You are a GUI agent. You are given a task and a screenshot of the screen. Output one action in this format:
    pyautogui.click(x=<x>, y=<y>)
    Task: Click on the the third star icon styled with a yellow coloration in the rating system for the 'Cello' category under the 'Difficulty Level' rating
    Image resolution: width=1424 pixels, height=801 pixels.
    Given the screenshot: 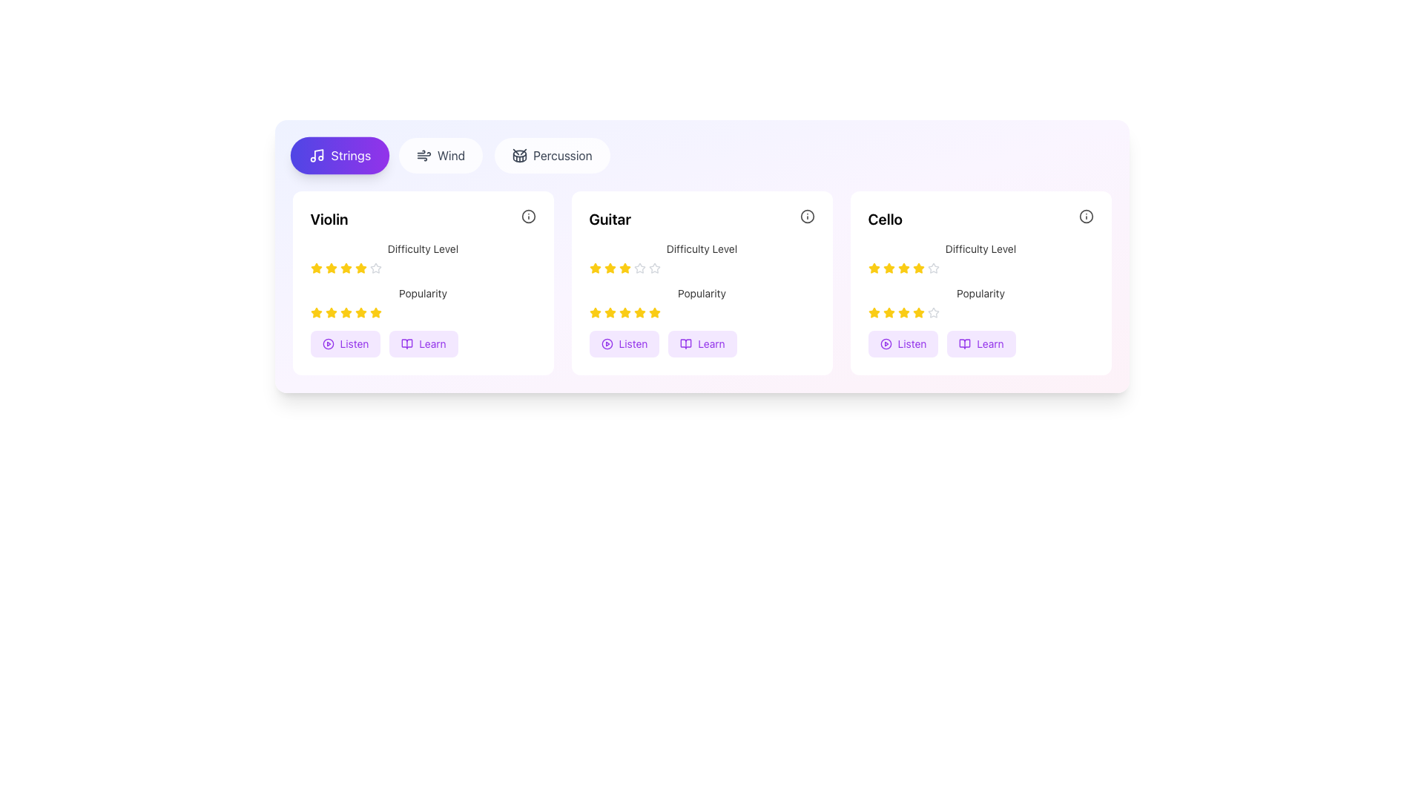 What is the action you would take?
    pyautogui.click(x=889, y=268)
    